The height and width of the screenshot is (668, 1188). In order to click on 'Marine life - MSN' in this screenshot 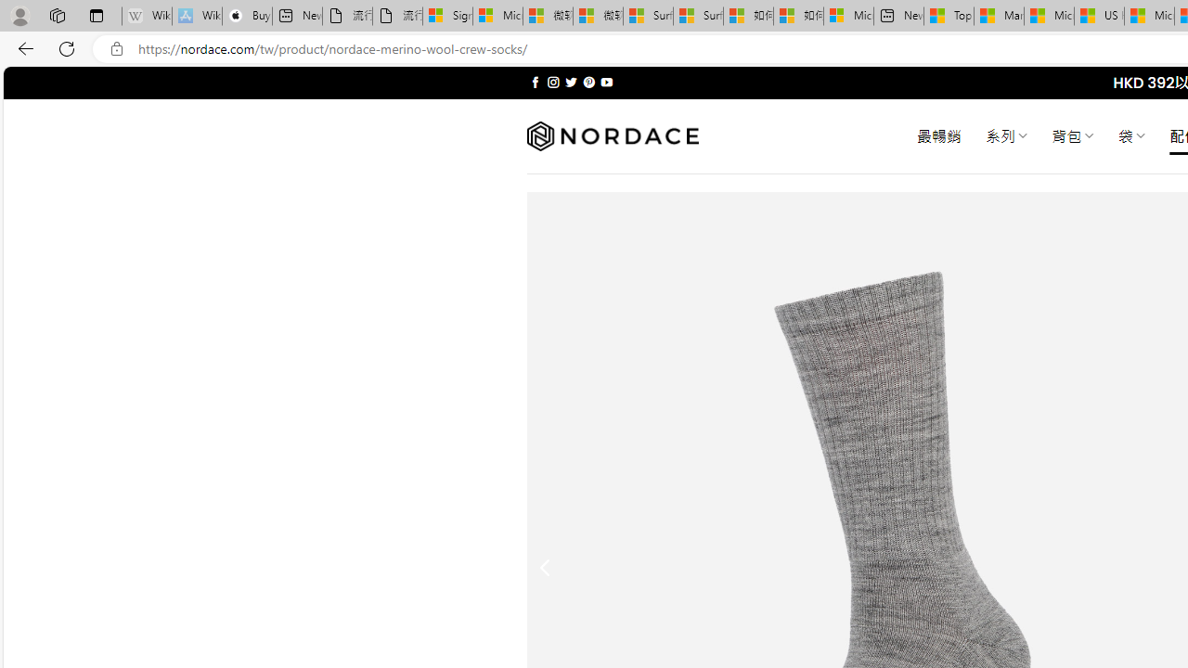, I will do `click(998, 16)`.